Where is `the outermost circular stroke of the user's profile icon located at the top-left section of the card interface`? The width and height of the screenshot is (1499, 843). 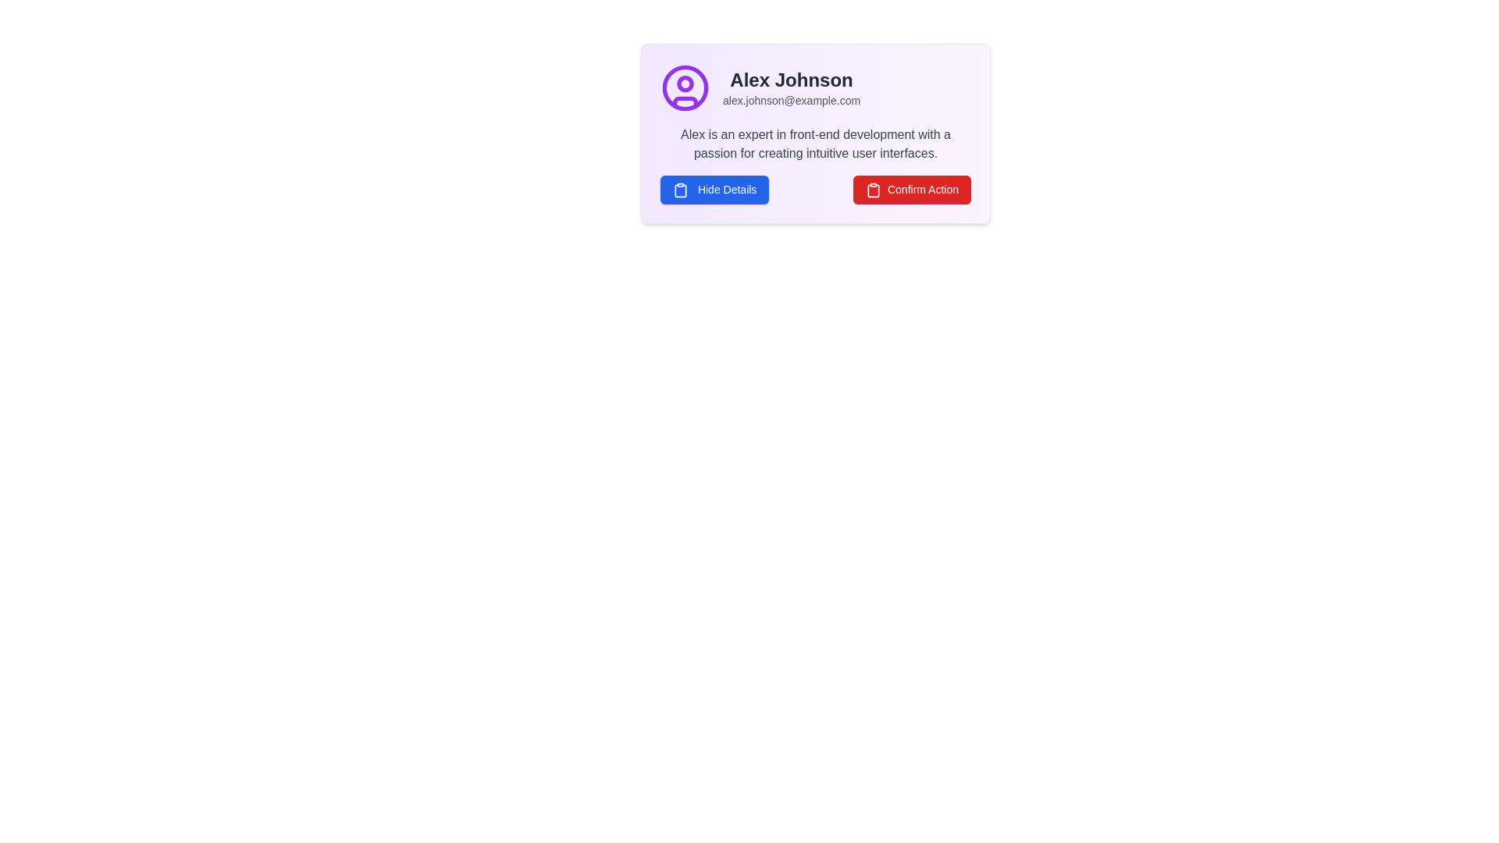
the outermost circular stroke of the user's profile icon located at the top-left section of the card interface is located at coordinates (685, 87).